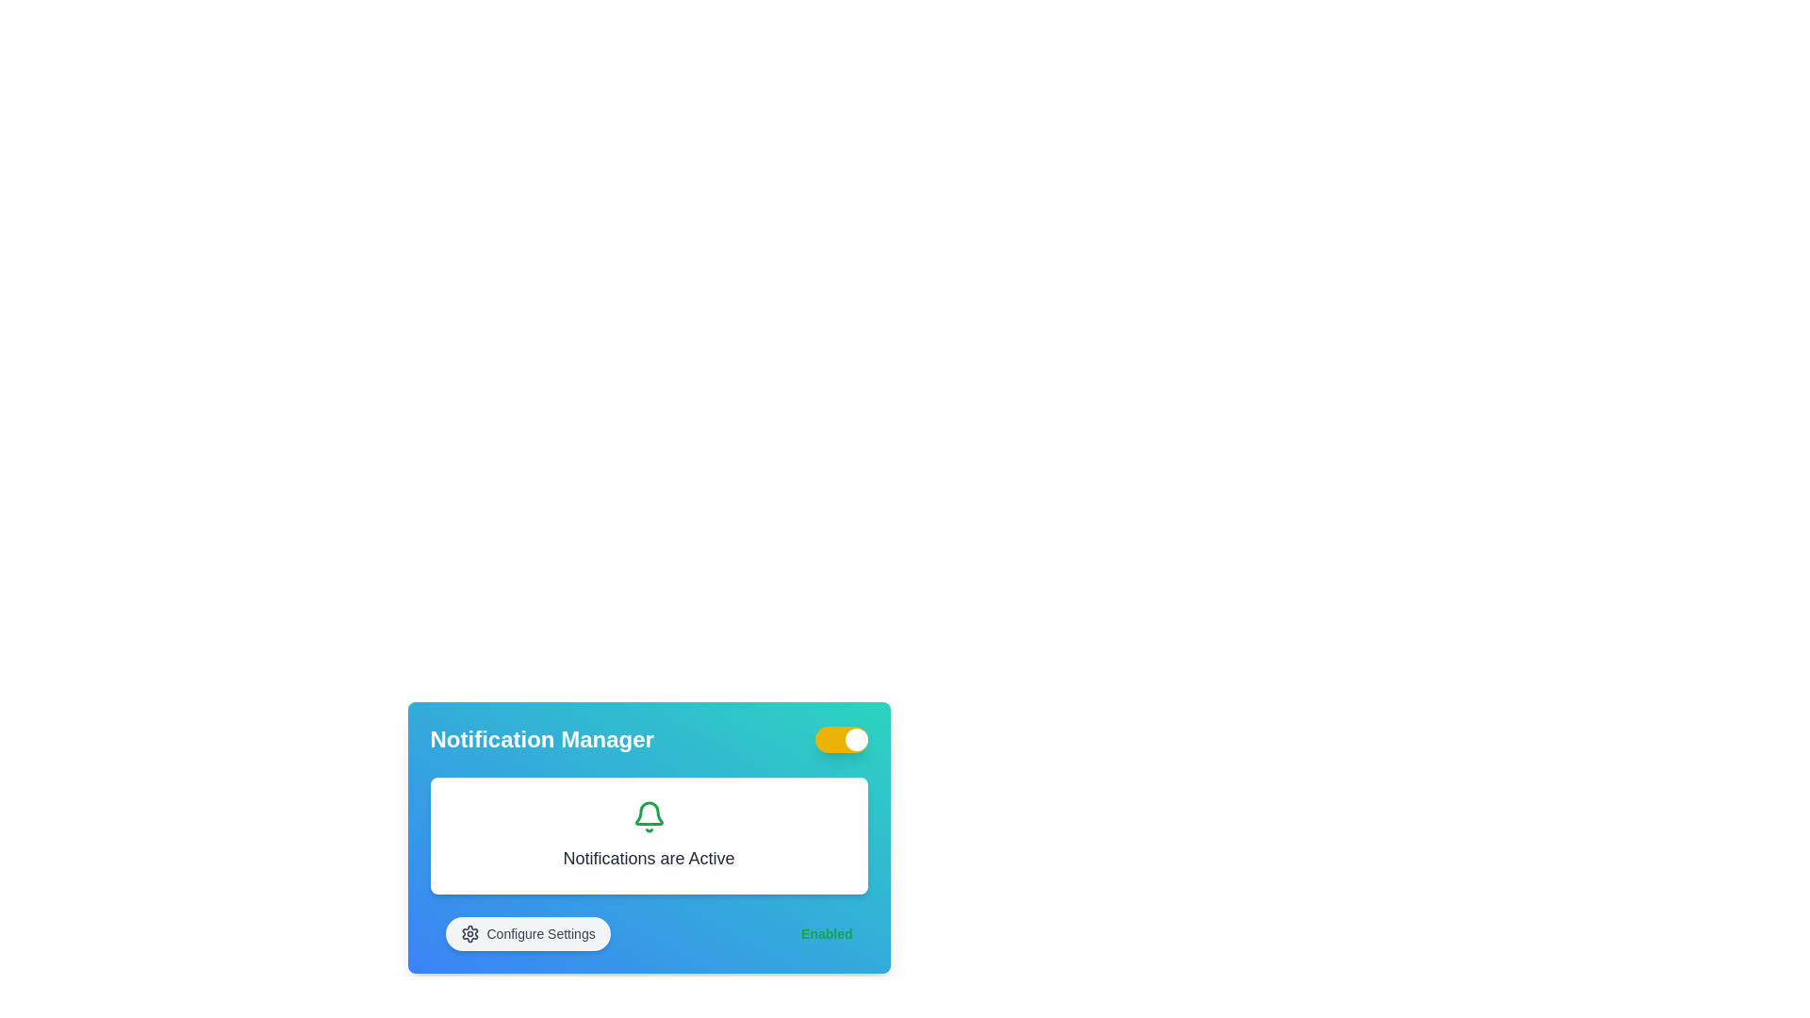  What do you see at coordinates (541, 739) in the screenshot?
I see `the 'Notification Manager' header title` at bounding box center [541, 739].